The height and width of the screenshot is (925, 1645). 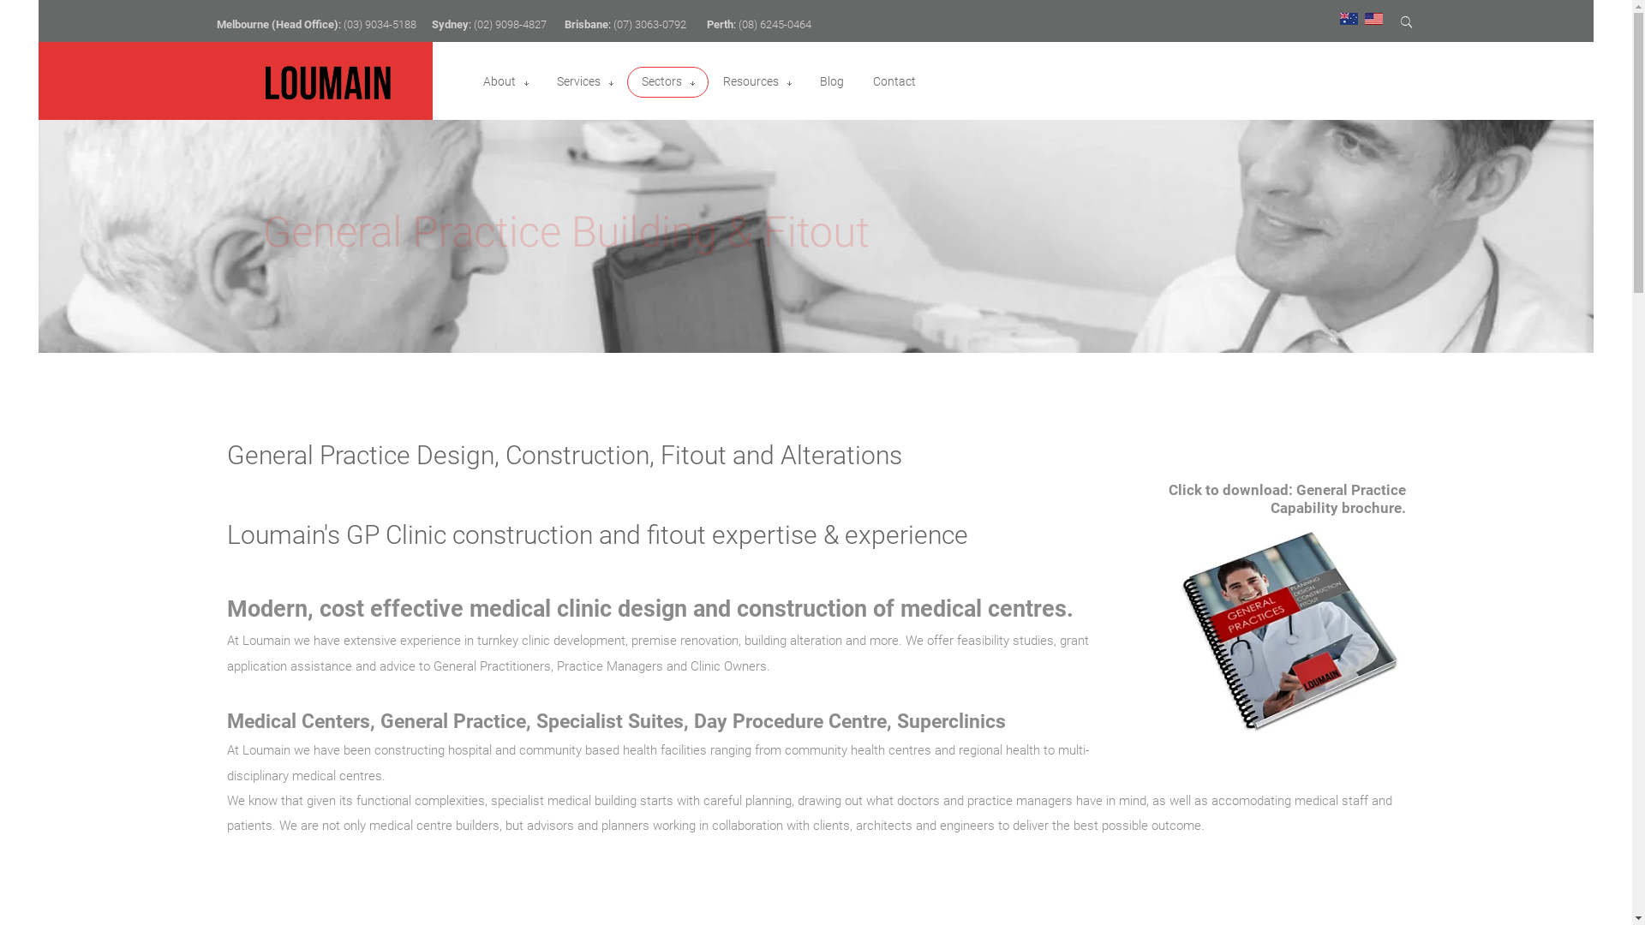 I want to click on 'Click to download: General Practice', so click(x=1287, y=489).